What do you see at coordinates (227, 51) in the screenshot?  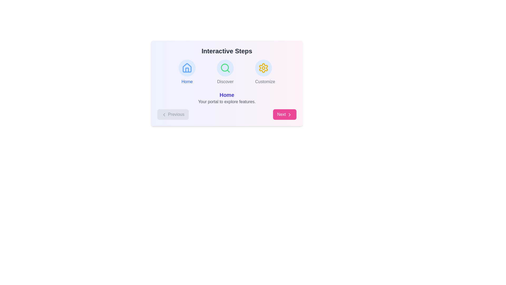 I see `the bold text element reading 'Interactive Steps', which is styled in a large, dark gray font and positioned prominently at the top of a rounded card` at bounding box center [227, 51].